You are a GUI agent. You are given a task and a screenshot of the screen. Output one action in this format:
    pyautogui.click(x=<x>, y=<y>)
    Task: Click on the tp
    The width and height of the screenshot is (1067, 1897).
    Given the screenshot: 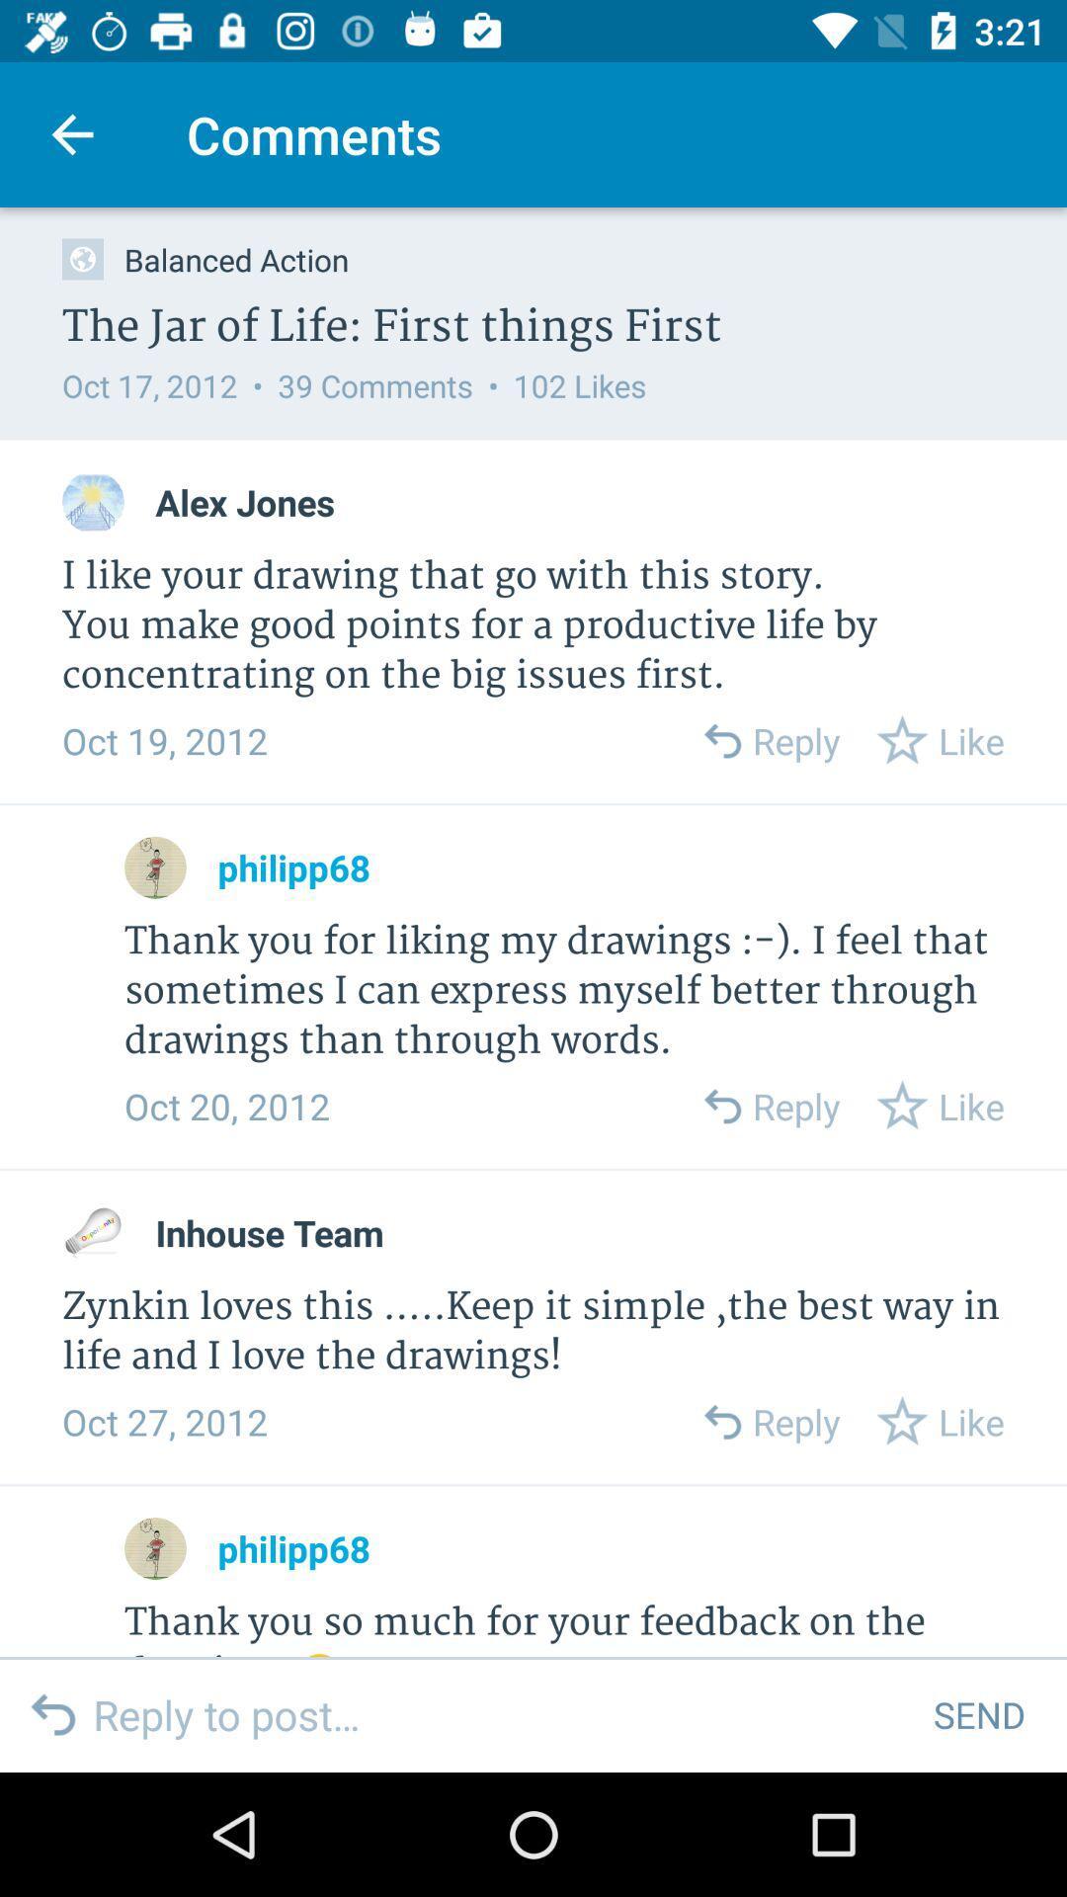 What is the action you would take?
    pyautogui.click(x=154, y=867)
    